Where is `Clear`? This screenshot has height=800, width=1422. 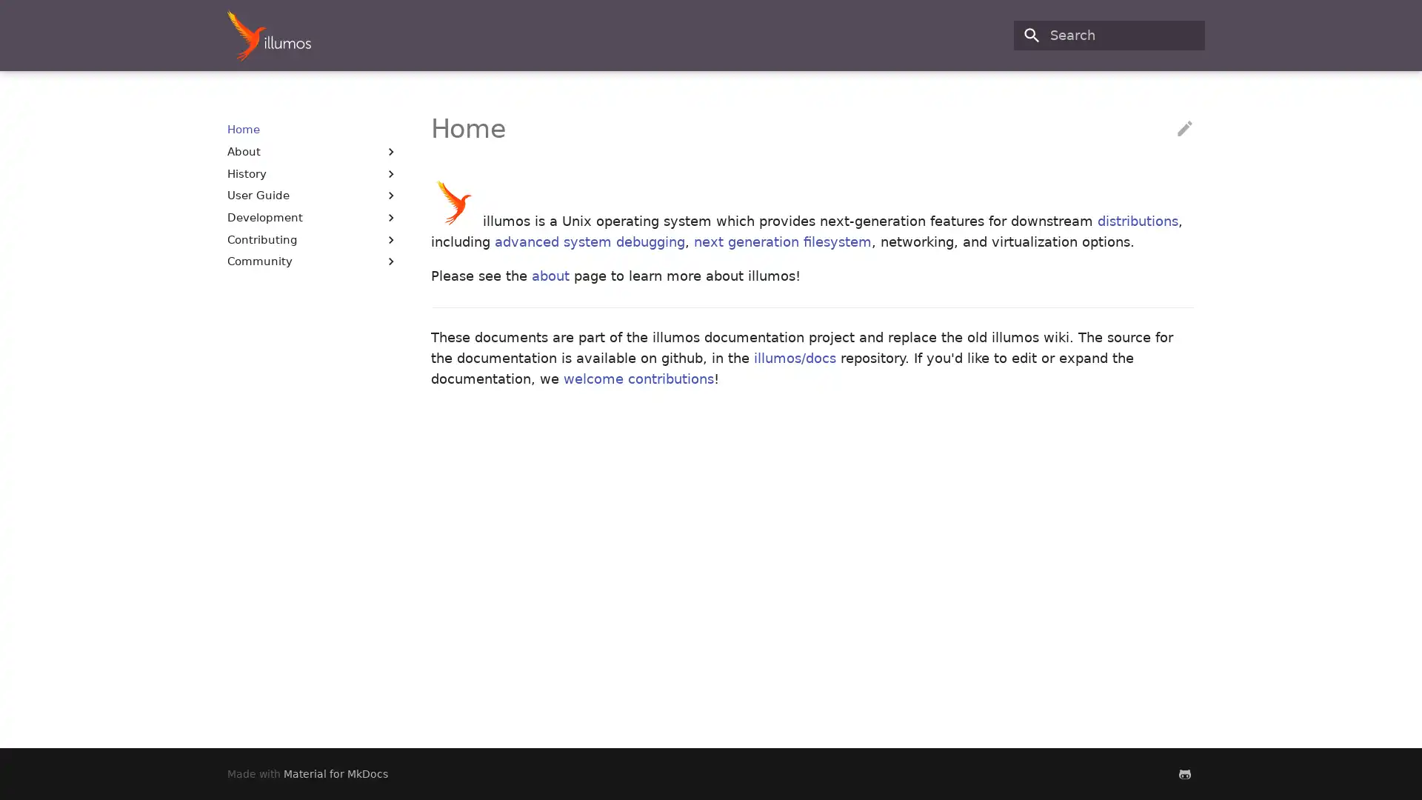
Clear is located at coordinates (1186, 34).